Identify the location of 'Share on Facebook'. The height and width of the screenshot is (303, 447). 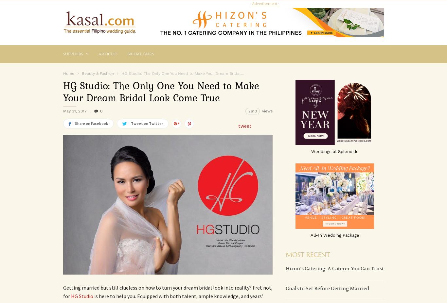
(91, 123).